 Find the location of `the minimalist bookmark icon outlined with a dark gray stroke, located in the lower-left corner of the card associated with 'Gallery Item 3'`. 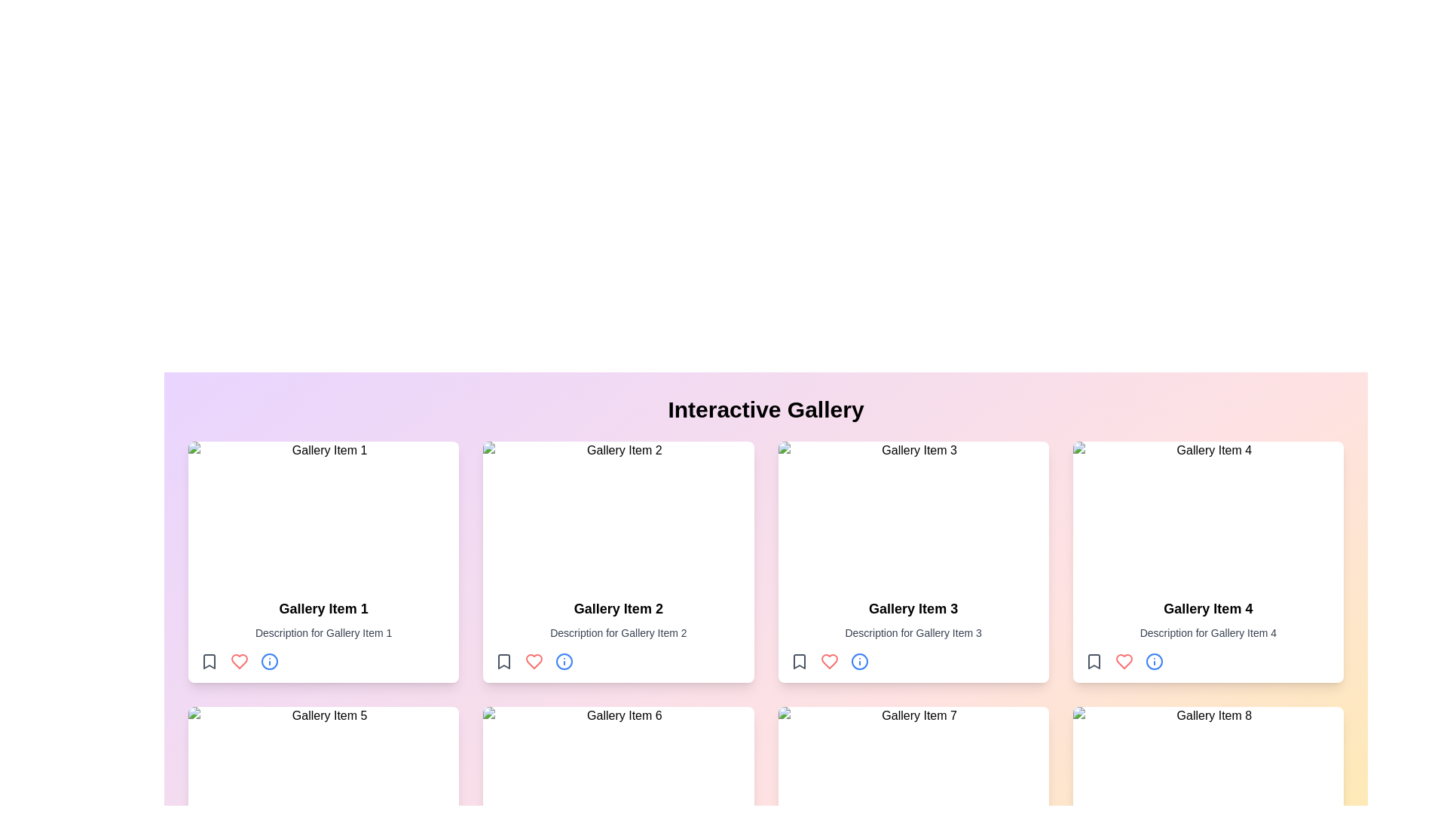

the minimalist bookmark icon outlined with a dark gray stroke, located in the lower-left corner of the card associated with 'Gallery Item 3' is located at coordinates (798, 661).